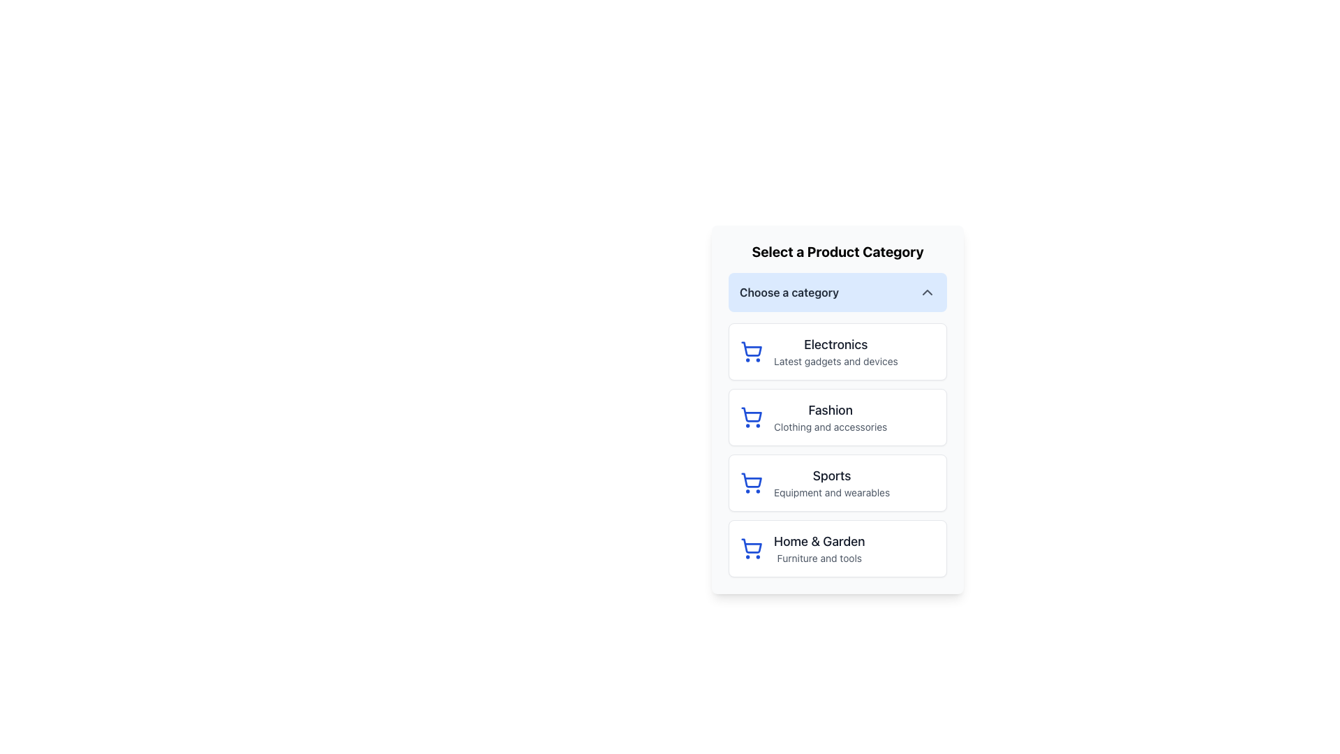 The height and width of the screenshot is (754, 1340). Describe the element at coordinates (832, 482) in the screenshot. I see `the 'Sports' text display element, which is the third item in a list, indicating it is part of a draggable list` at that location.